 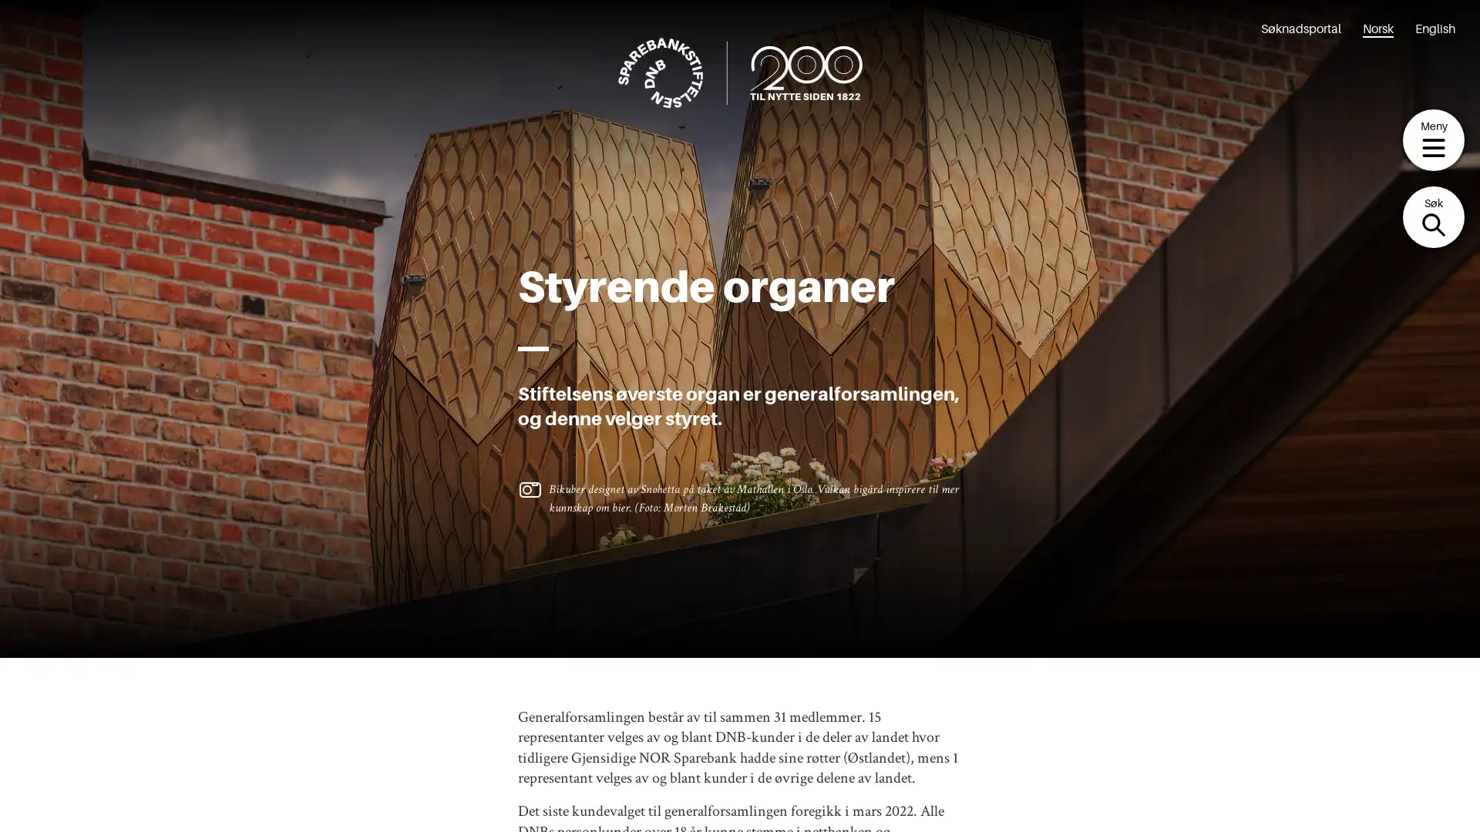 I want to click on Godta alle, so click(x=573, y=381).